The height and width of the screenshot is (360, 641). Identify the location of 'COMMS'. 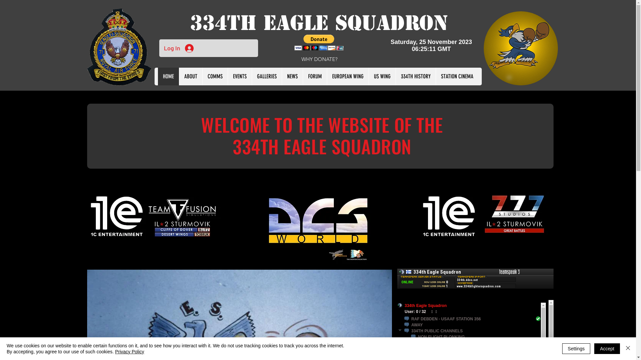
(215, 76).